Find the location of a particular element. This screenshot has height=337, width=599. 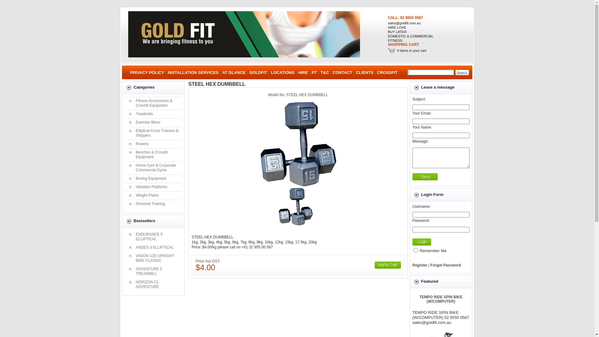

'Treadmills' is located at coordinates (153, 114).